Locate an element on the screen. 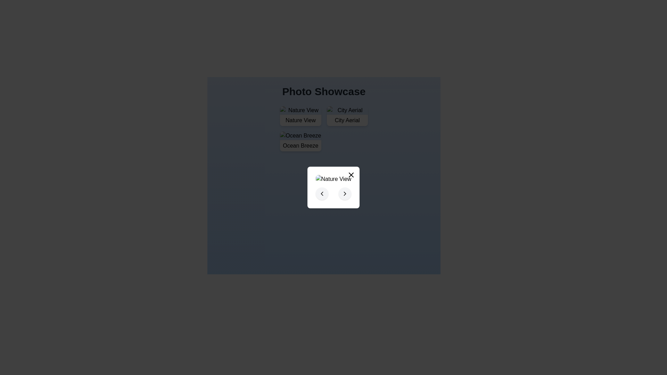 This screenshot has width=667, height=375. text content of the Text Label displaying 'Ocean Breeze', which is centered and has a white background with a top border is located at coordinates (300, 145).